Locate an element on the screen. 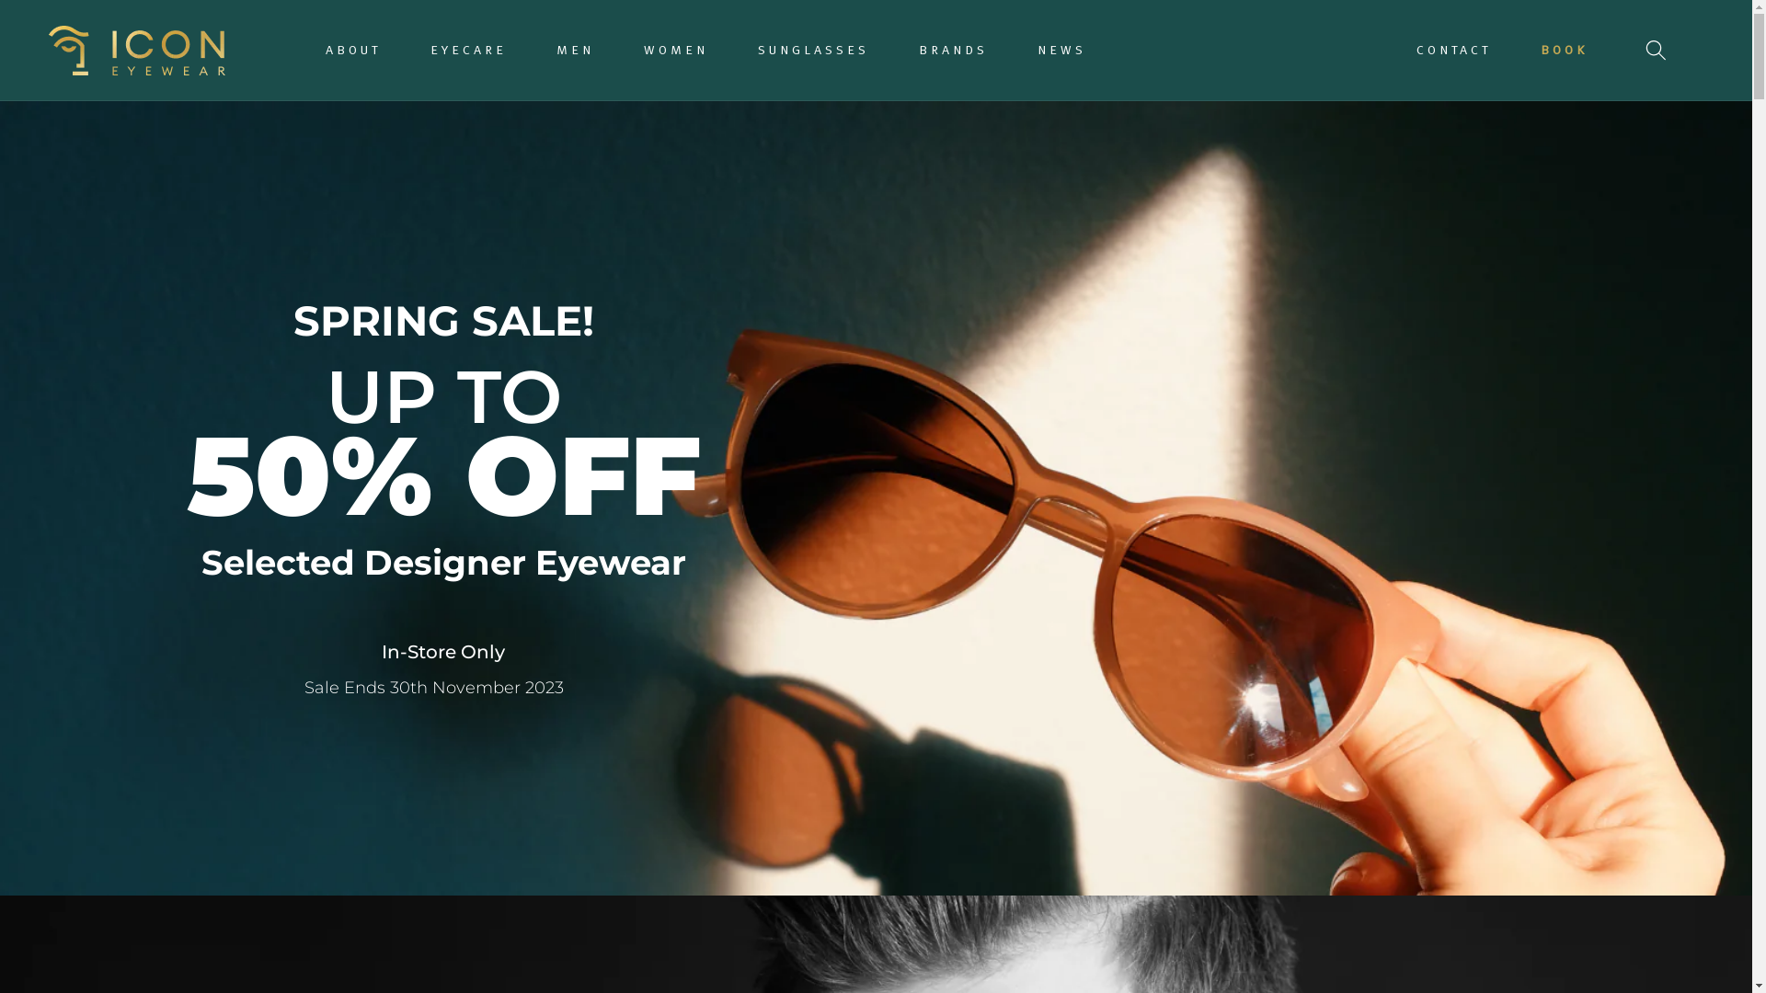 The image size is (1766, 993). 'NEWS' is located at coordinates (1026, 49).